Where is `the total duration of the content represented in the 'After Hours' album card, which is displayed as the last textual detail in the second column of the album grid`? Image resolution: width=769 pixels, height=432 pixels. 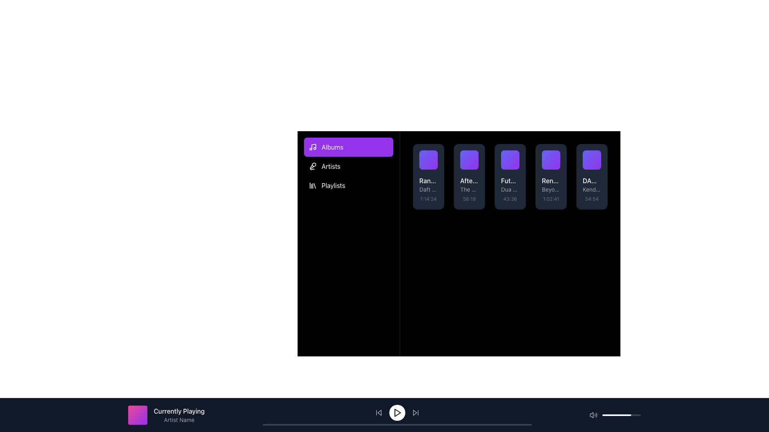
the total duration of the content represented in the 'After Hours' album card, which is displayed as the last textual detail in the second column of the album grid is located at coordinates (469, 198).